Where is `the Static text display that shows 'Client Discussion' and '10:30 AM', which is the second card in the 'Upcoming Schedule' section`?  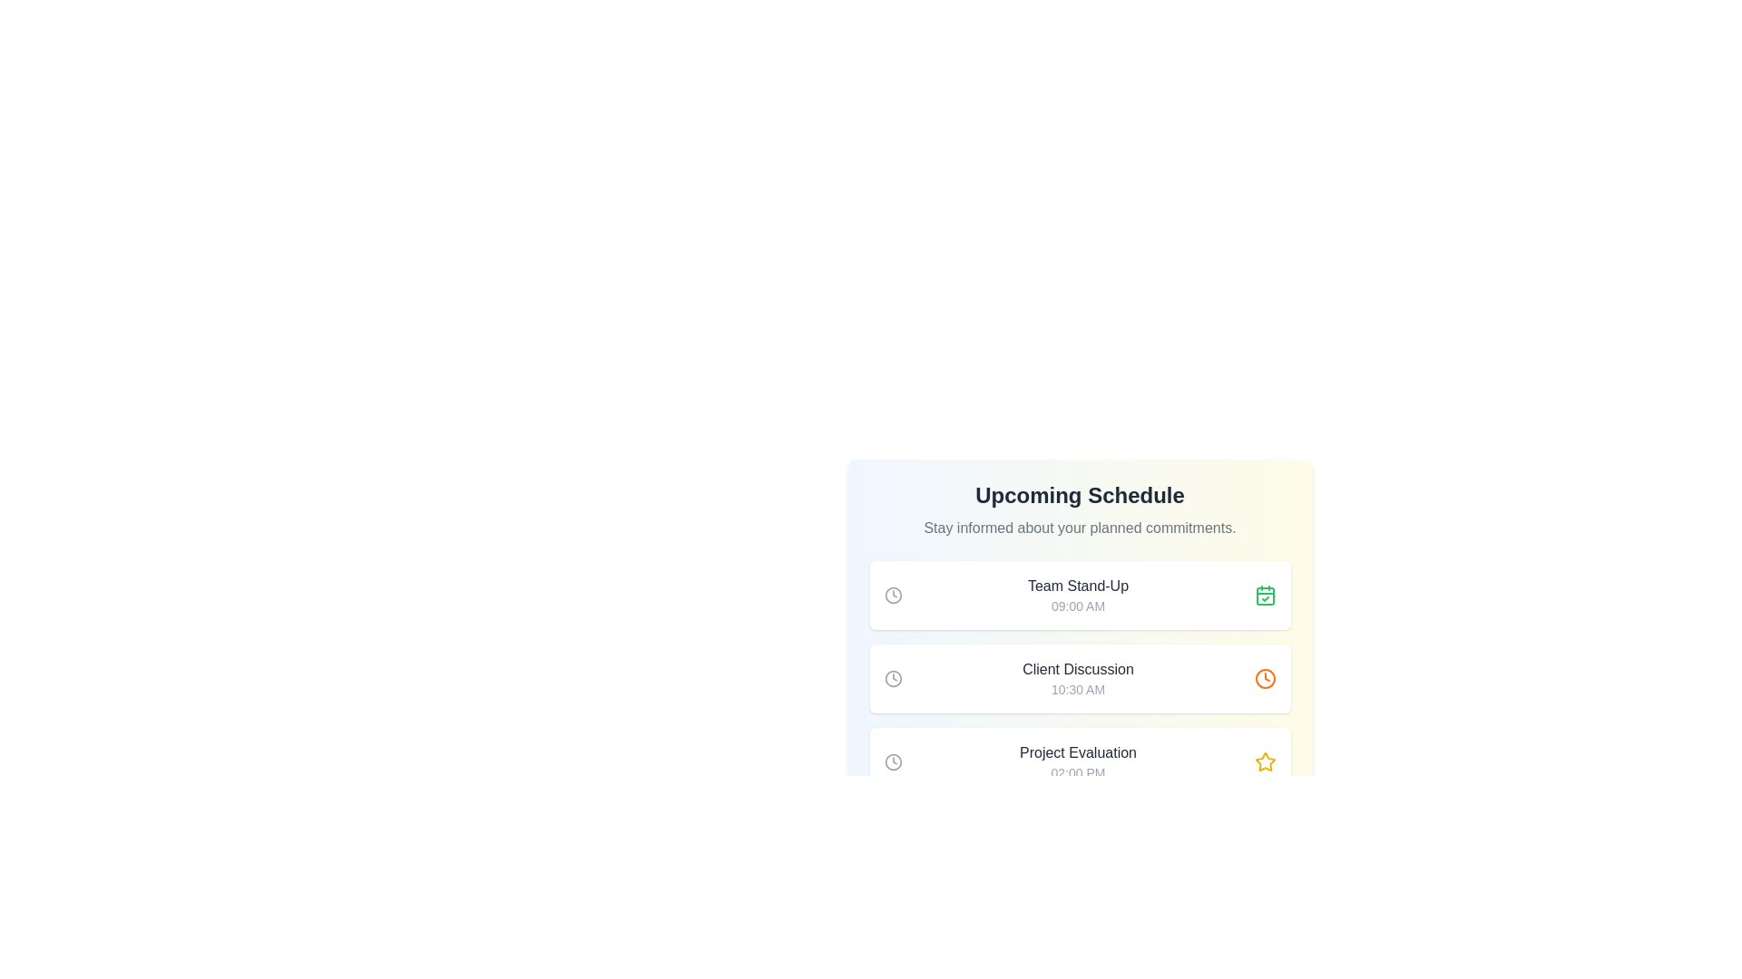 the Static text display that shows 'Client Discussion' and '10:30 AM', which is the second card in the 'Upcoming Schedule' section is located at coordinates (1078, 678).